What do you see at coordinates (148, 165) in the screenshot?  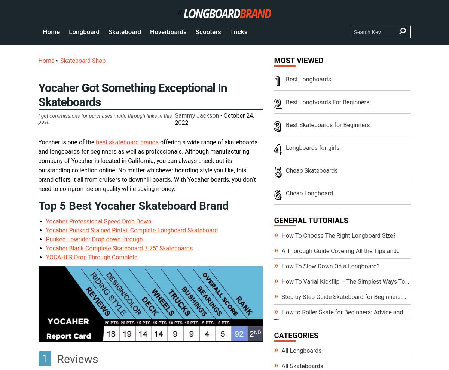 I see `'offering a wide range of skateboards and longboards for beginners as well as professionals. Although manufacturing company of Yocaher is located in California, you can always check out its outstanding collection online. No matter whichever boarding style you like, this brand offers it all from cruisers to downhill boards. With Yocaher boards, you don’t need to compromise on quality while saving money.'` at bounding box center [148, 165].